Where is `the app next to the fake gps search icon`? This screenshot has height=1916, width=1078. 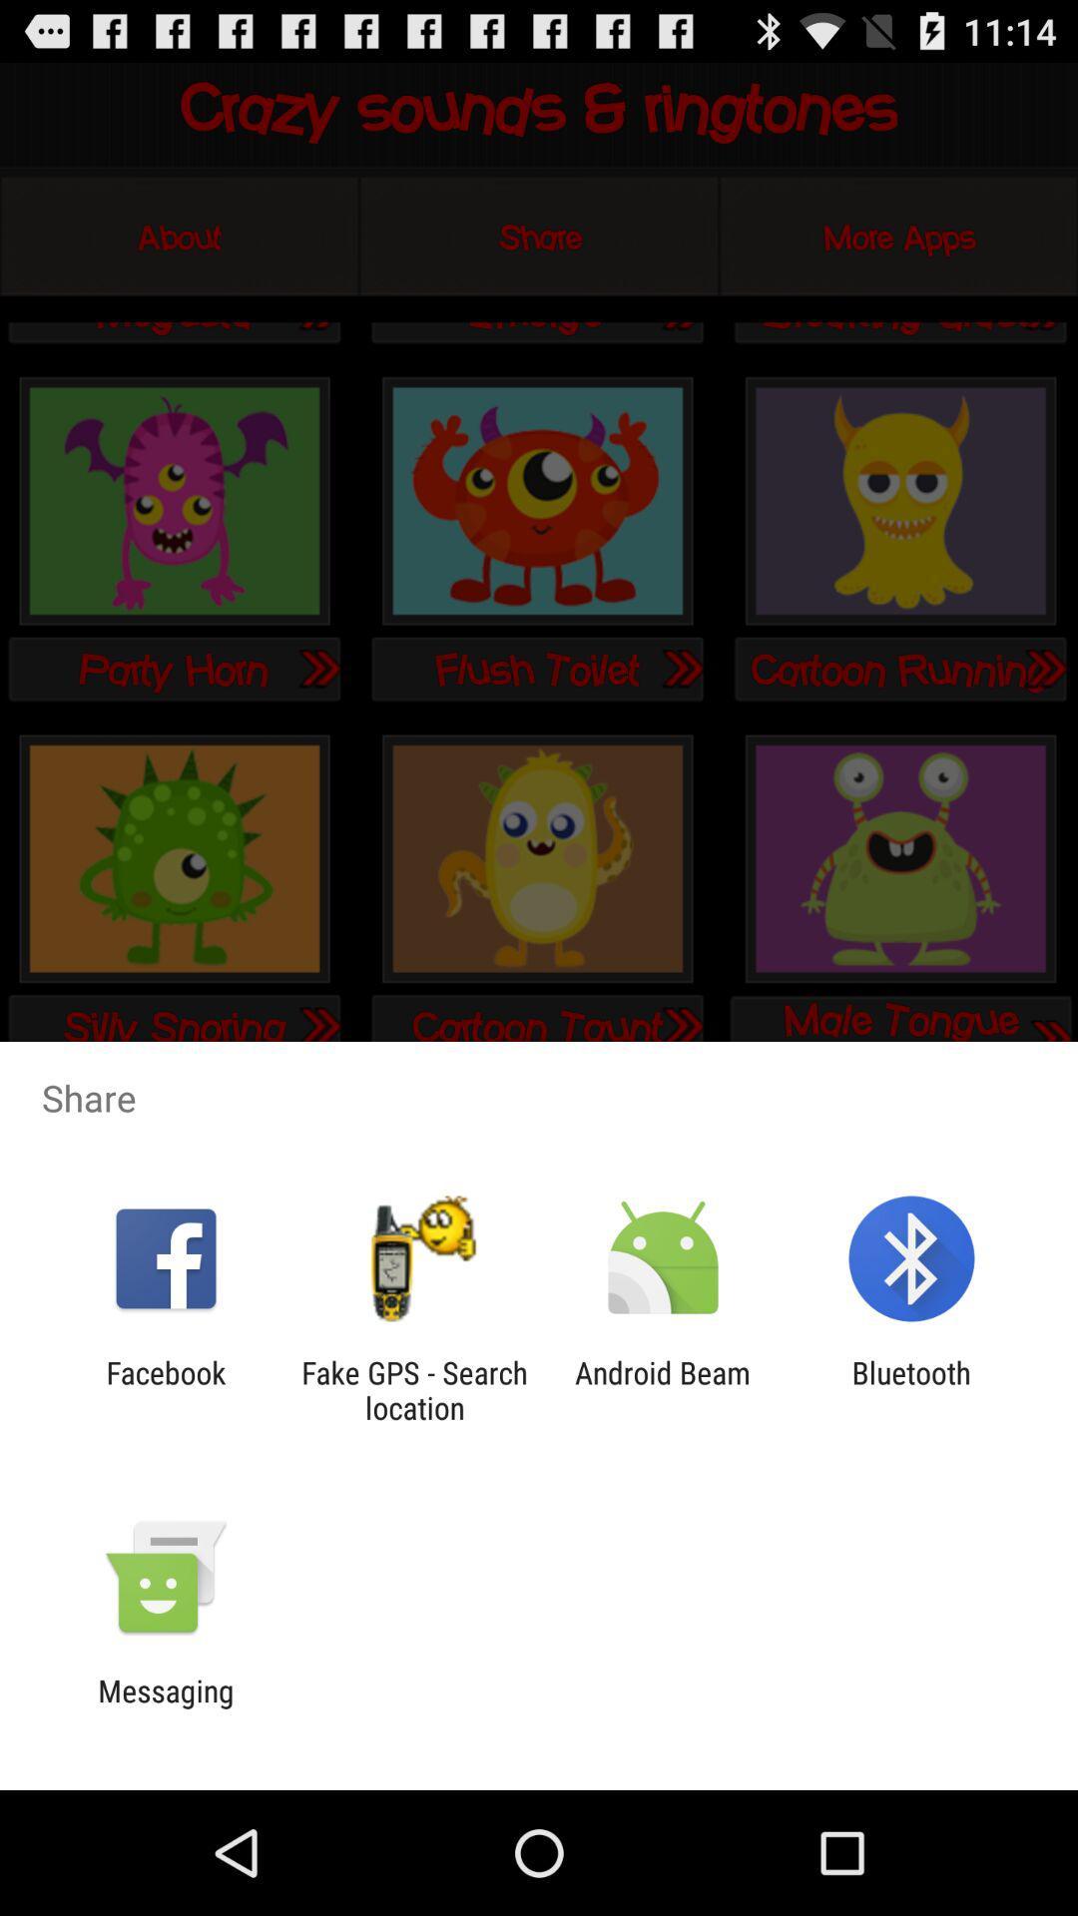 the app next to the fake gps search icon is located at coordinates (663, 1389).